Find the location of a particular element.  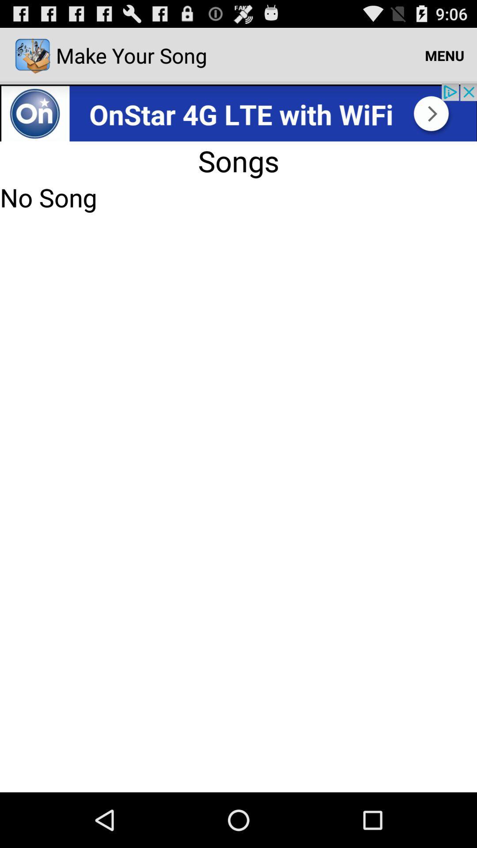

advertising bar is located at coordinates (238, 112).